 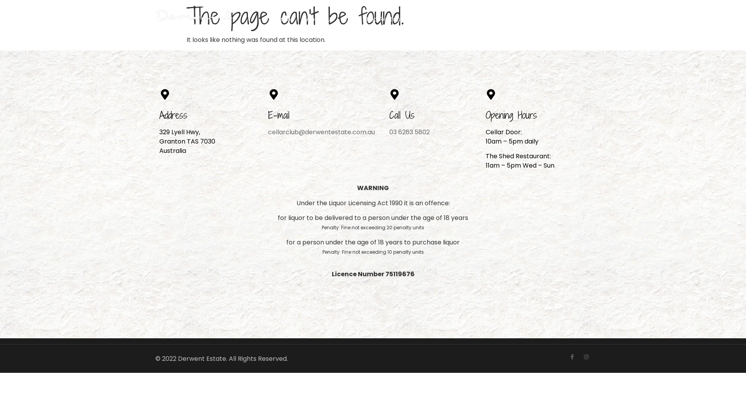 What do you see at coordinates (519, 19) in the screenshot?
I see `'Contact'` at bounding box center [519, 19].